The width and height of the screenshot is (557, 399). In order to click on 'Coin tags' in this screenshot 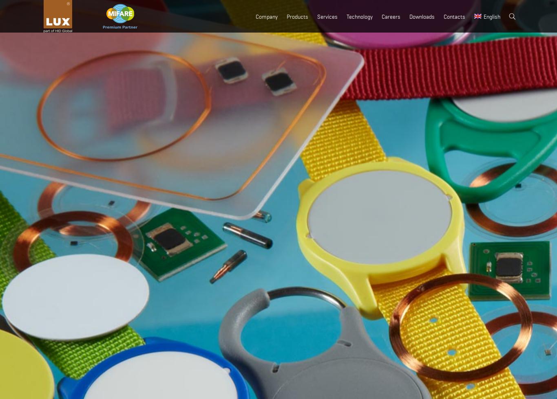, I will do `click(294, 237)`.